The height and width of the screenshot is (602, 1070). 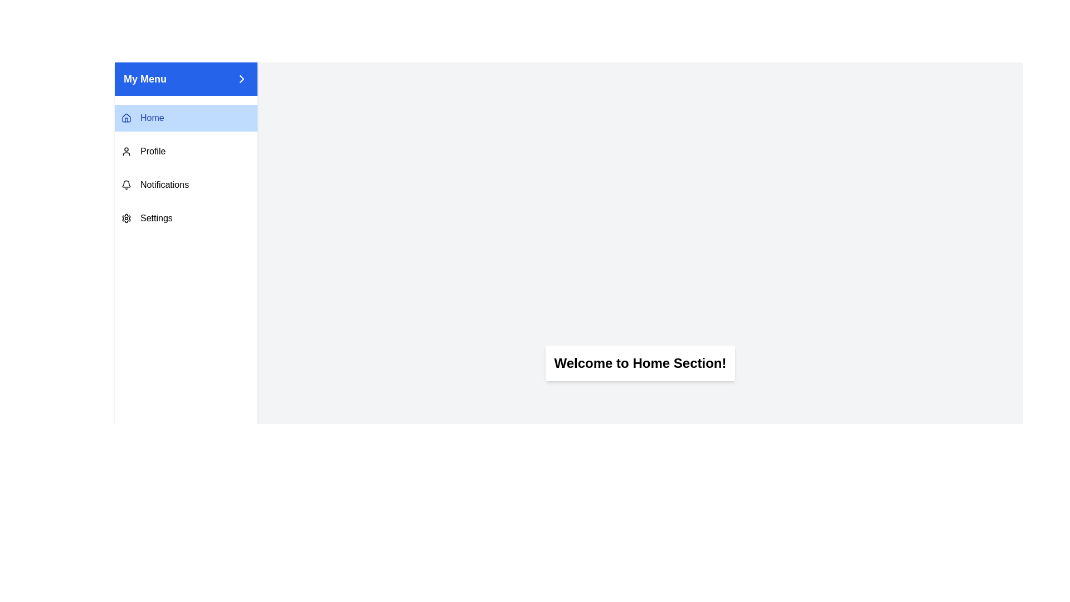 What do you see at coordinates (126, 184) in the screenshot?
I see `the bell icon, which is styled with a minimalistic outline and is positioned next to the 'Notifications' label in the vertical navigation menu` at bounding box center [126, 184].